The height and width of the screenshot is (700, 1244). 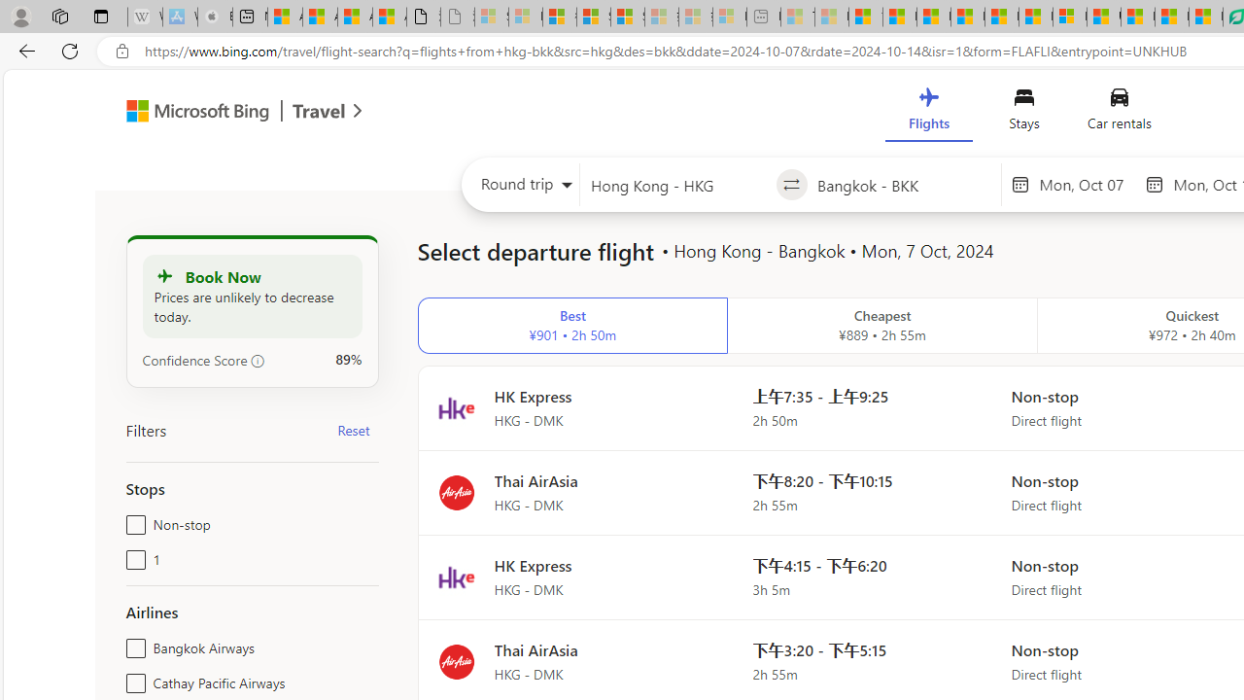 I want to click on 'Flights', so click(x=927, y=114).